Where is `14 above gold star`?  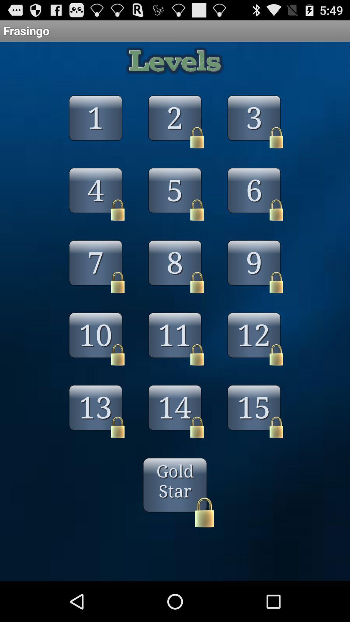 14 above gold star is located at coordinates (175, 417).